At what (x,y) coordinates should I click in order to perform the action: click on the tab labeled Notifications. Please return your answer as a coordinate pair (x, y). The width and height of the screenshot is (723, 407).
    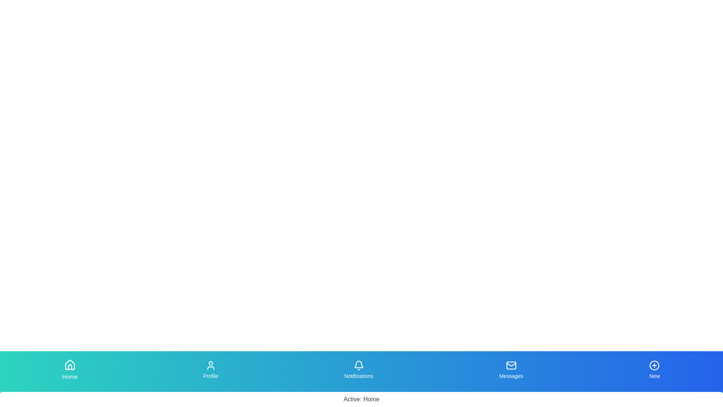
    Looking at the image, I should click on (358, 370).